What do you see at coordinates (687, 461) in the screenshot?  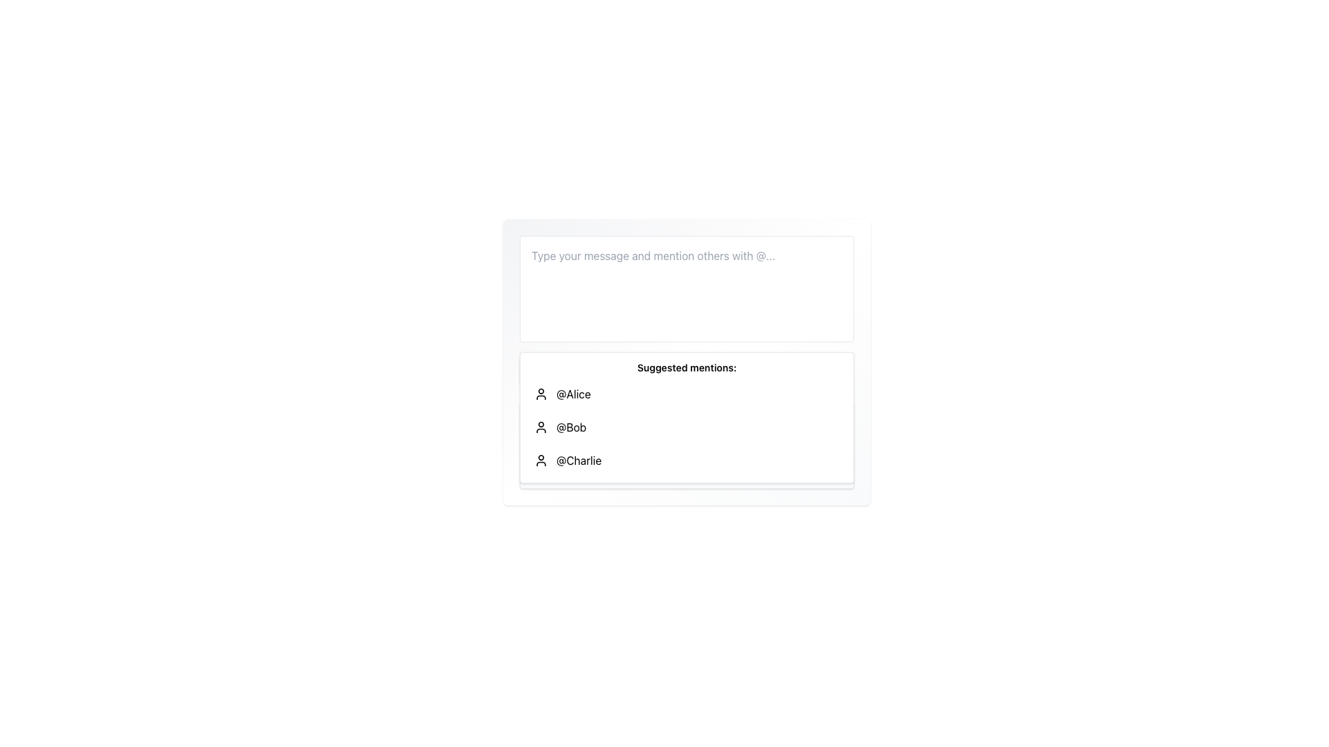 I see `the third entry in the 'Suggested mentions' list` at bounding box center [687, 461].